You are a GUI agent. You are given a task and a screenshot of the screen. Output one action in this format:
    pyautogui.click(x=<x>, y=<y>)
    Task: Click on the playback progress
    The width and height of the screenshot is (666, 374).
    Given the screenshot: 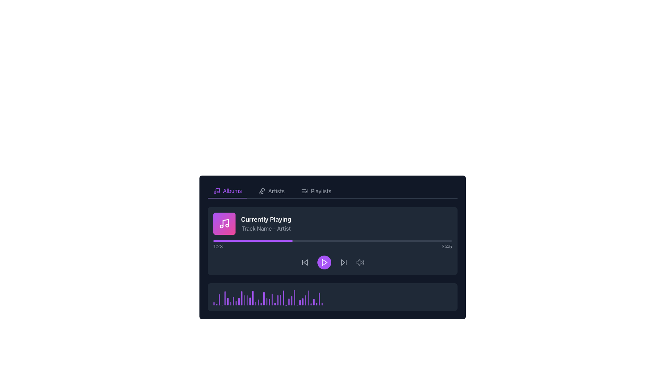 What is the action you would take?
    pyautogui.click(x=430, y=240)
    